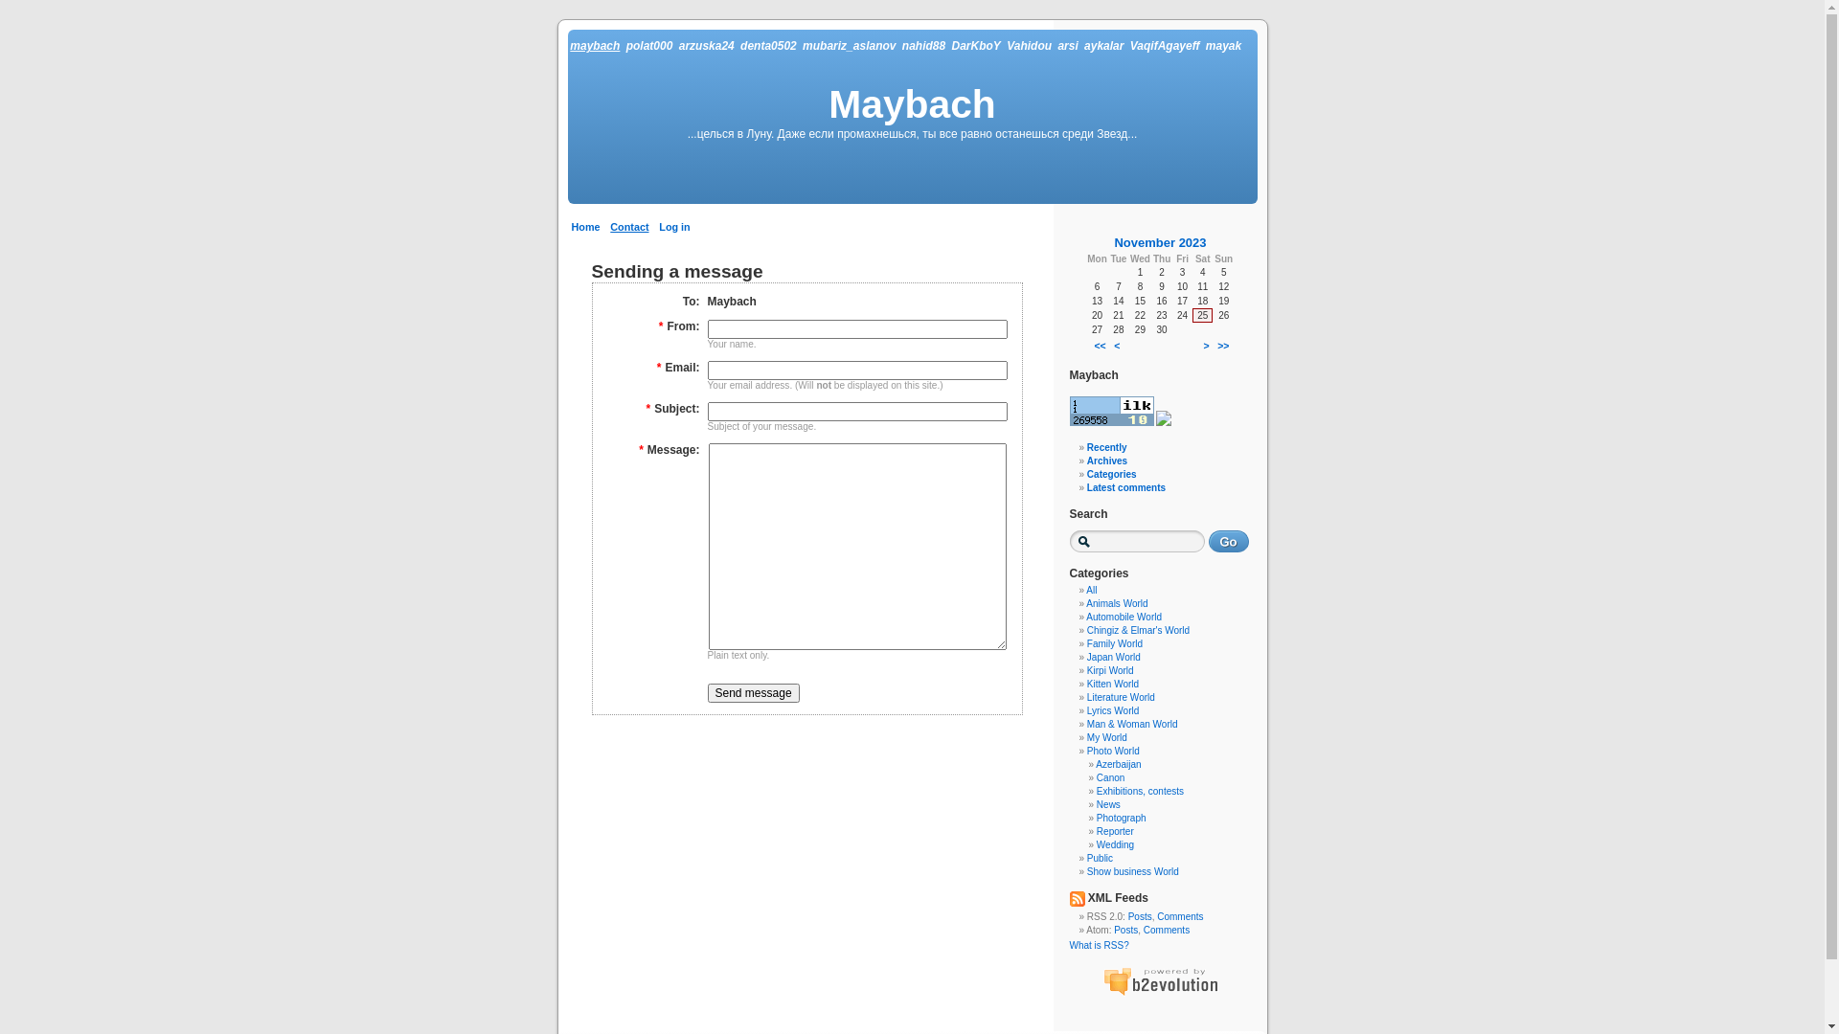  Describe the element at coordinates (1110, 777) in the screenshot. I see `'Canon'` at that location.